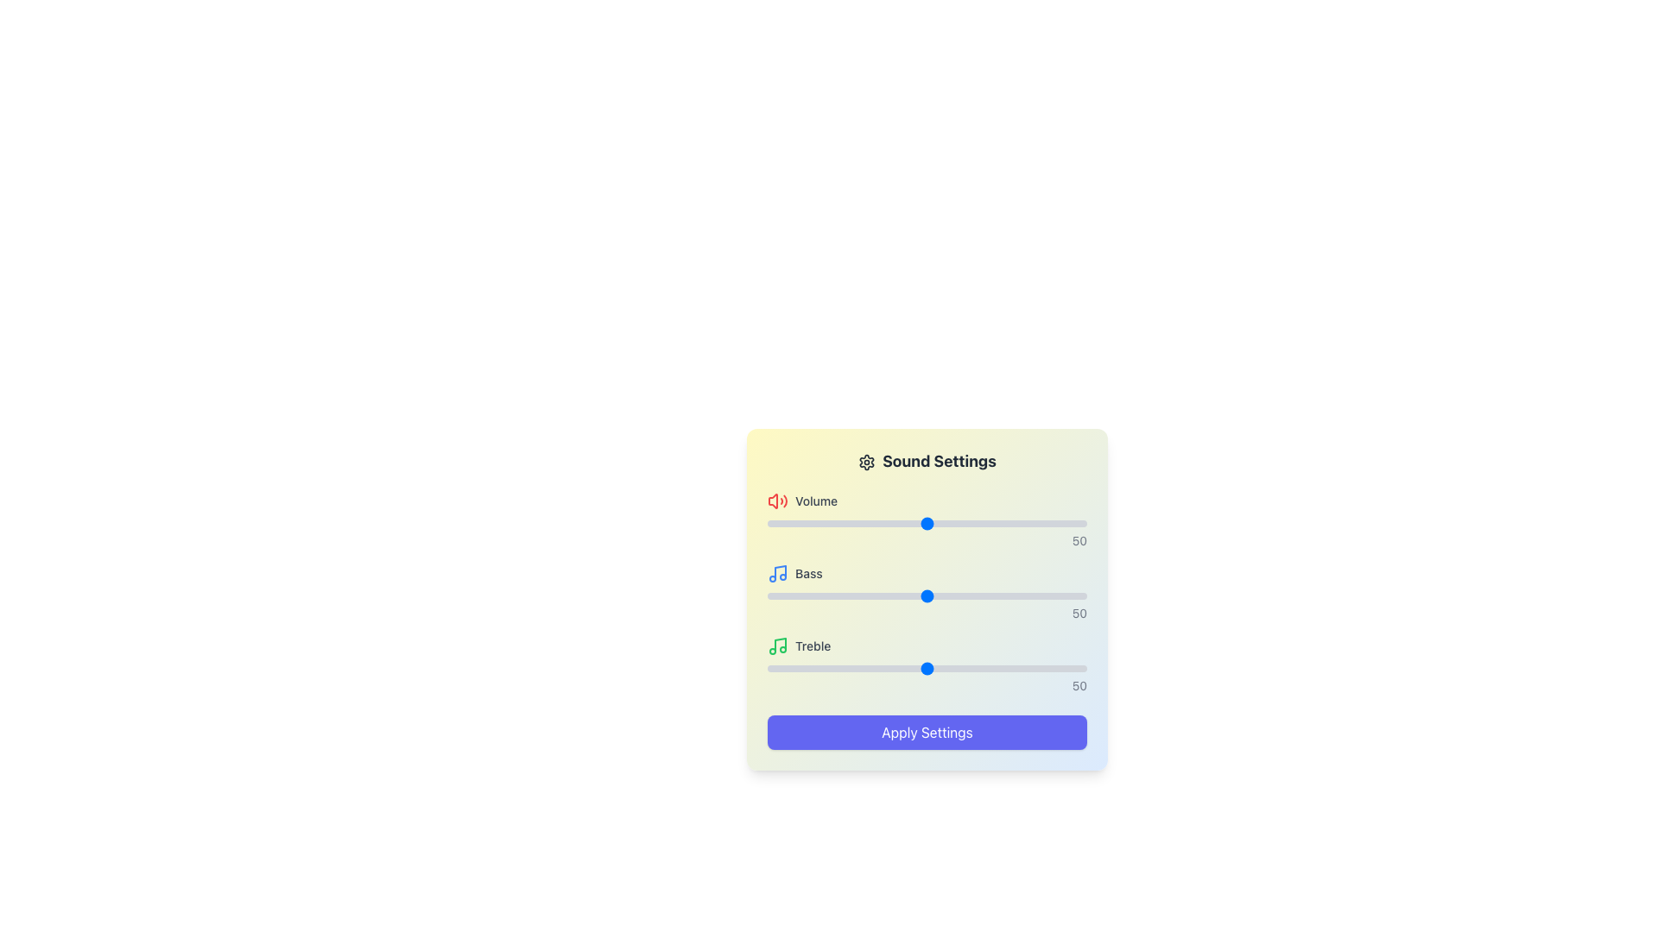 The height and width of the screenshot is (932, 1658). I want to click on the volume level, so click(952, 522).